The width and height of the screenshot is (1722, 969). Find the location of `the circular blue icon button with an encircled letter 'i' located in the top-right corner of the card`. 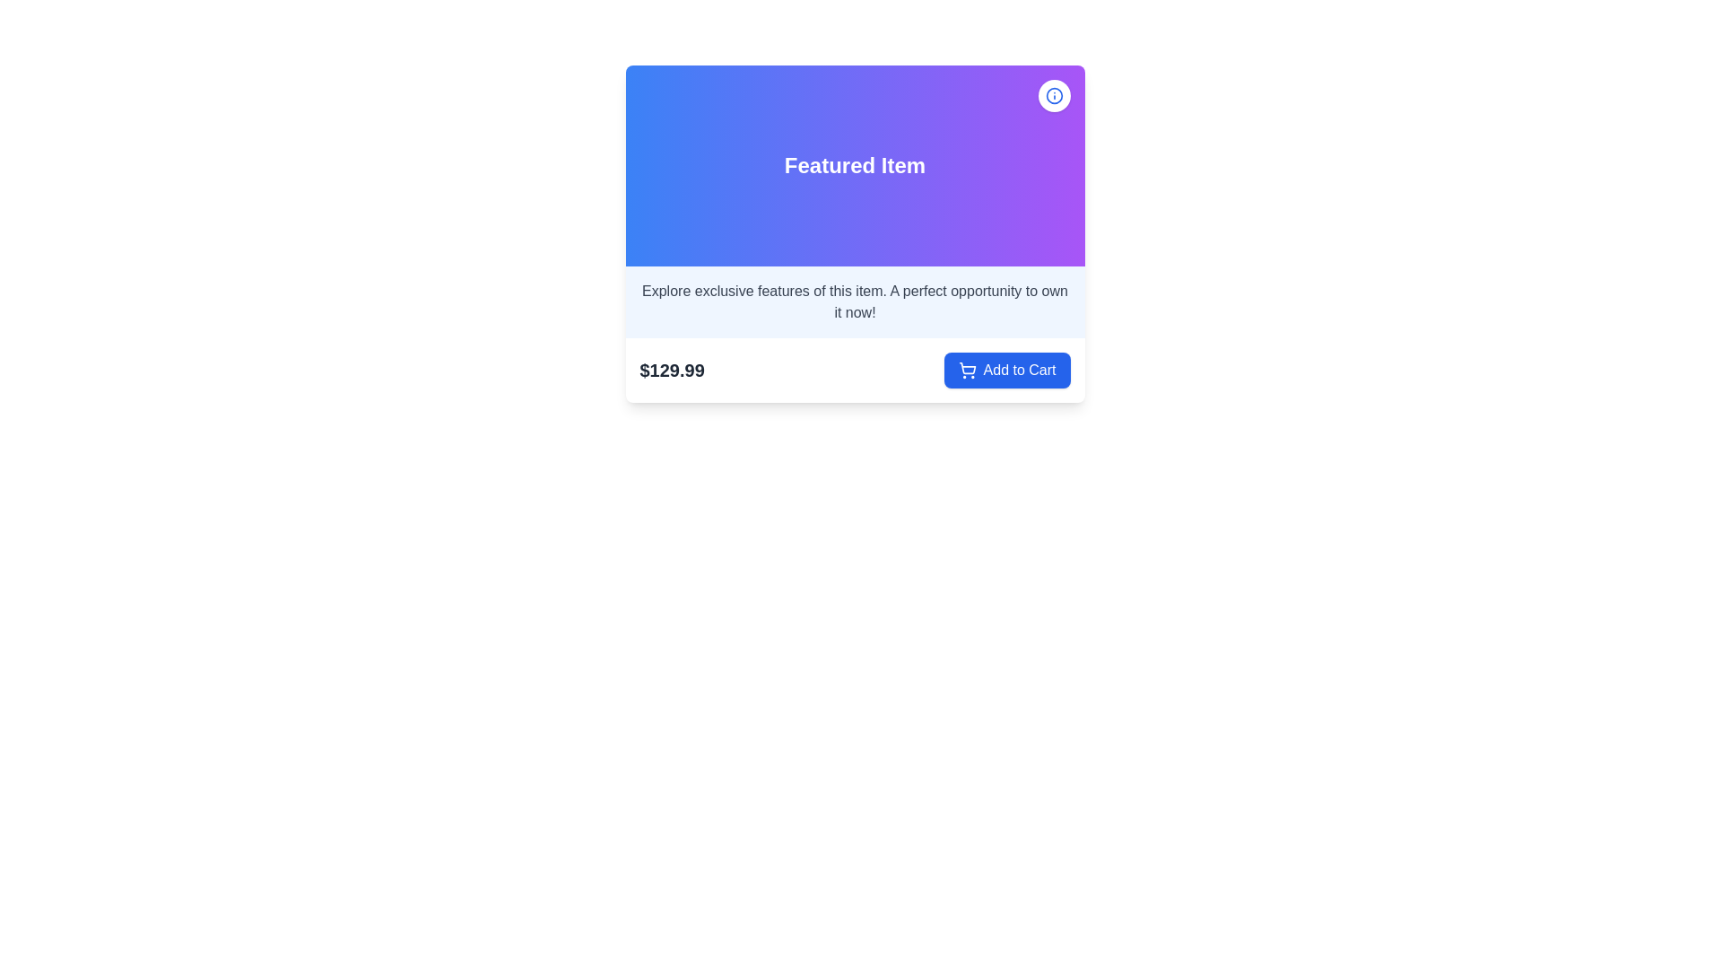

the circular blue icon button with an encircled letter 'i' located in the top-right corner of the card is located at coordinates (1054, 96).